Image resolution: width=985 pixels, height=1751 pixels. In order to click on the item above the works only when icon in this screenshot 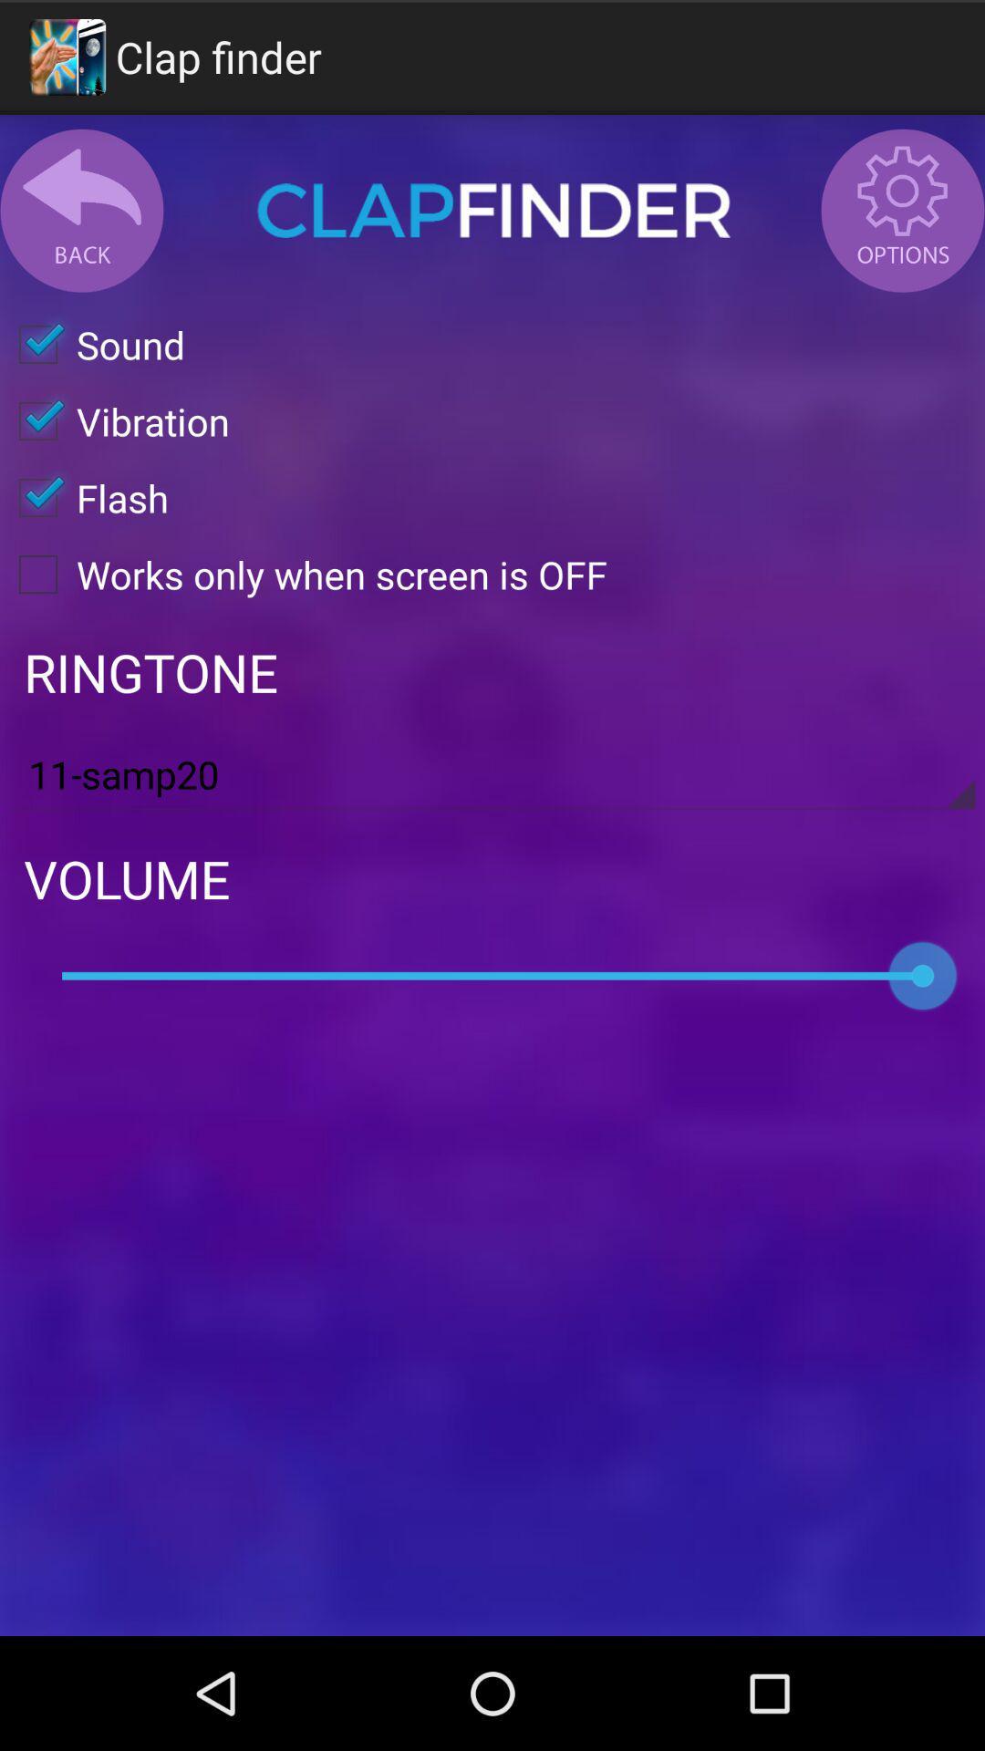, I will do `click(84, 498)`.